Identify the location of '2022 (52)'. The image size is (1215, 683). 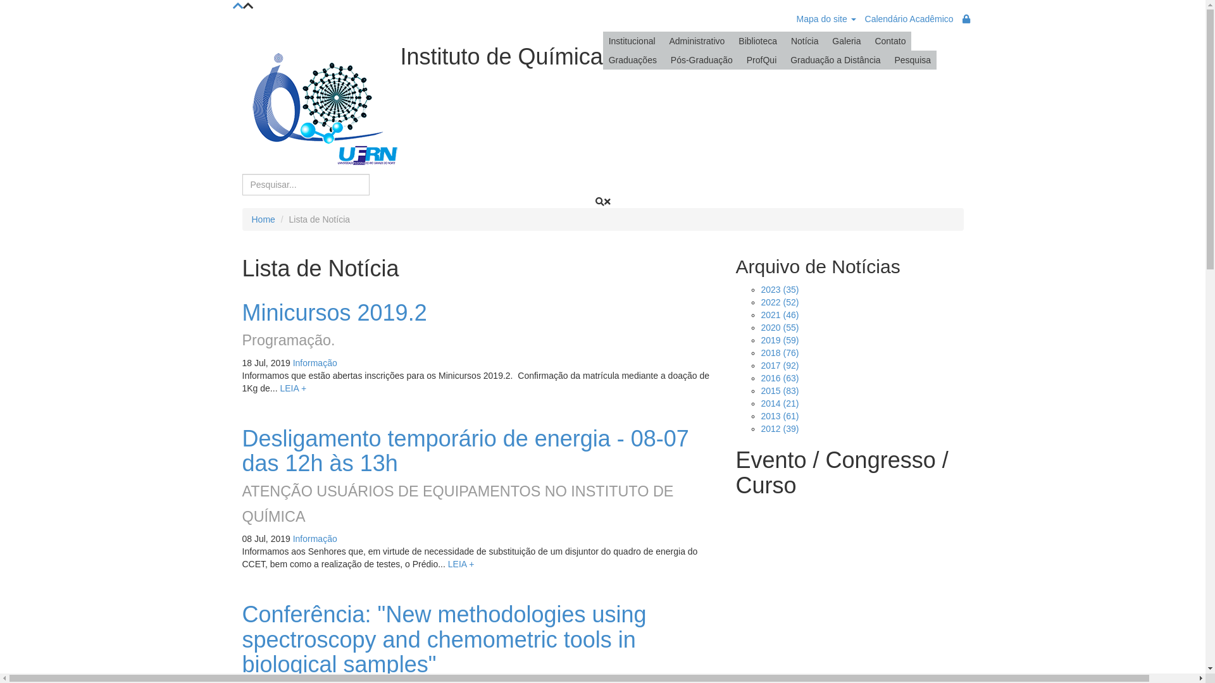
(779, 302).